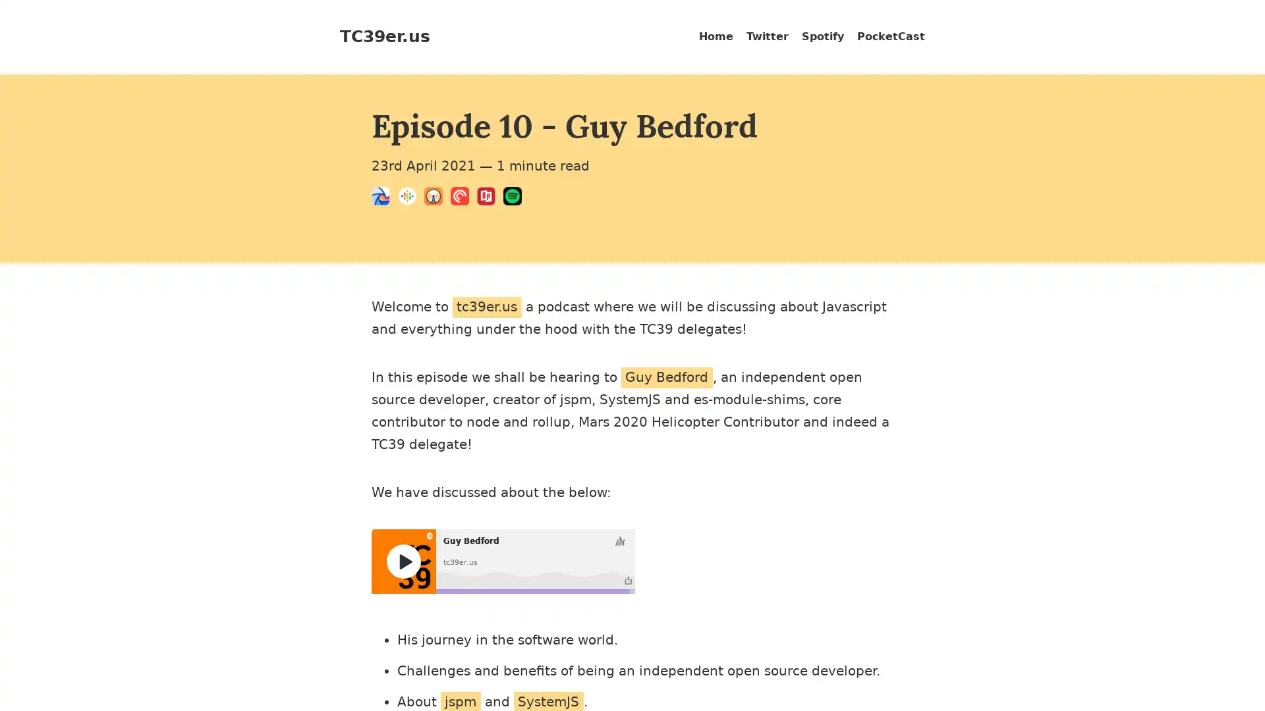 The height and width of the screenshot is (711, 1265). I want to click on RadioPublic Logo, so click(490, 198).